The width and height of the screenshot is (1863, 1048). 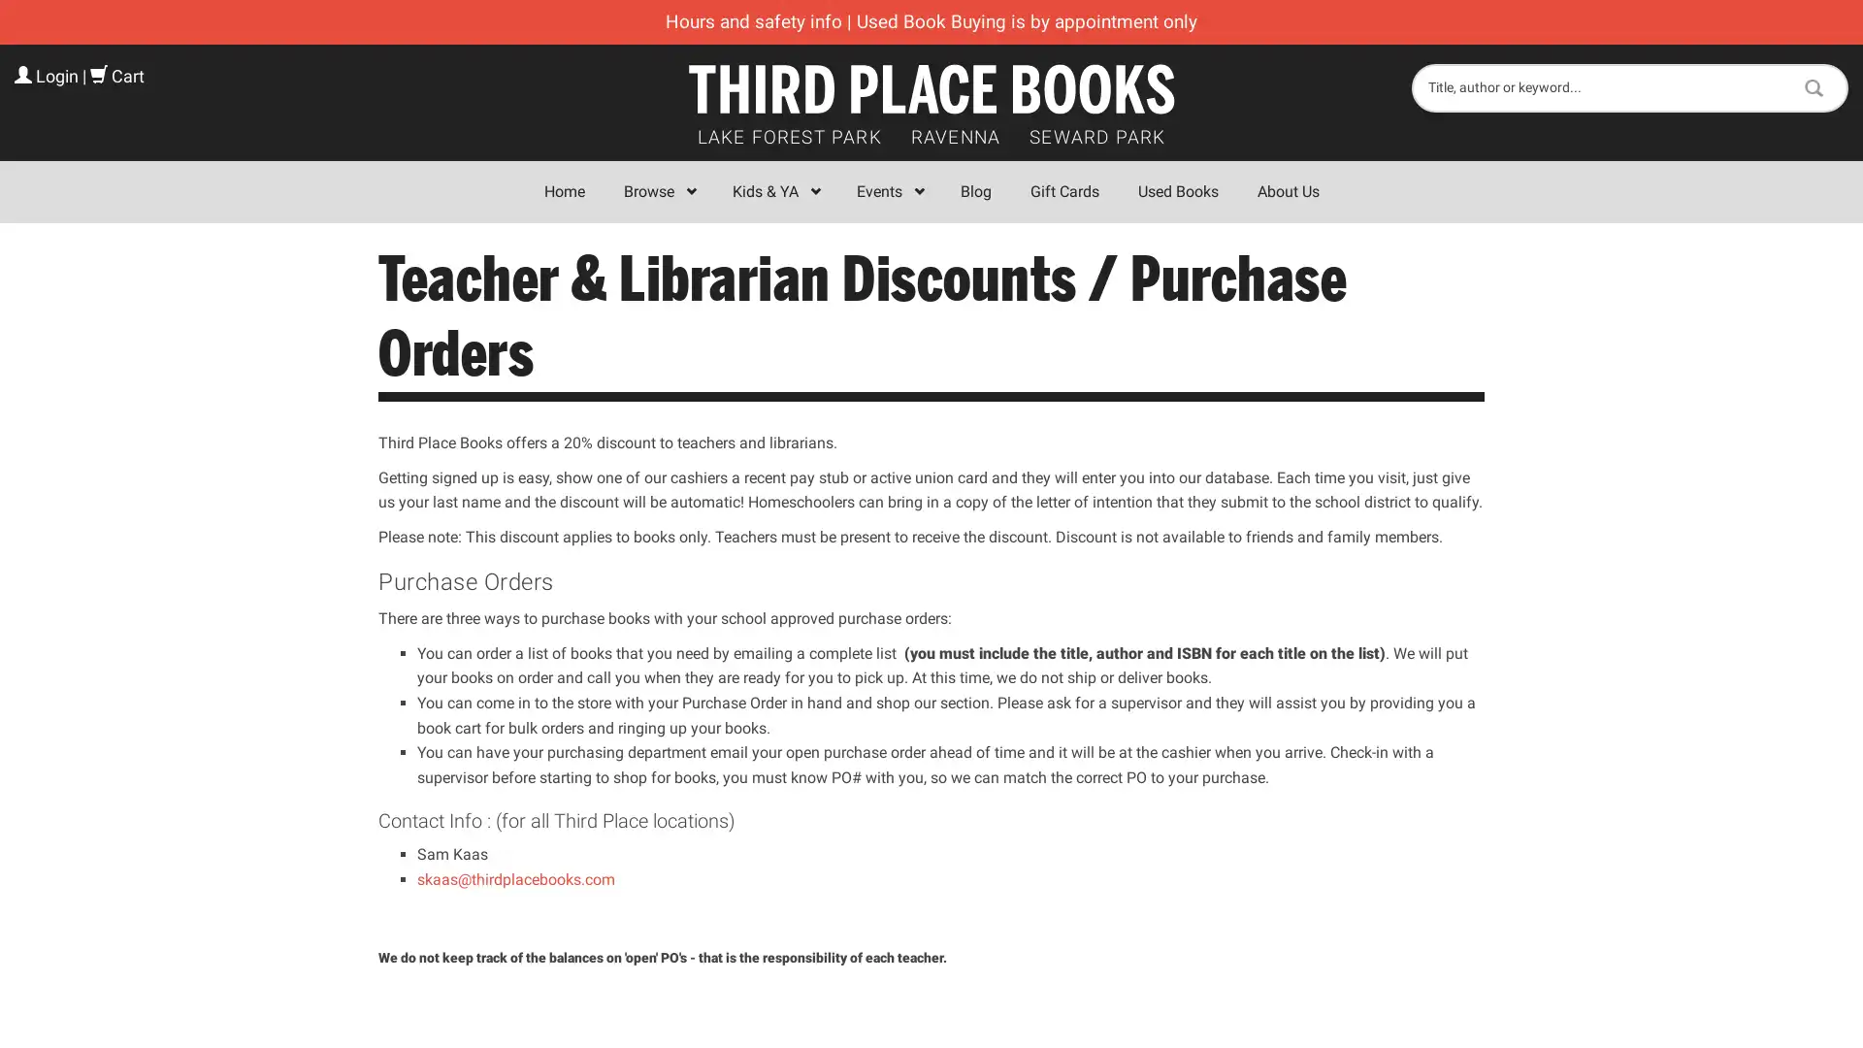 I want to click on Close, so click(x=1214, y=284).